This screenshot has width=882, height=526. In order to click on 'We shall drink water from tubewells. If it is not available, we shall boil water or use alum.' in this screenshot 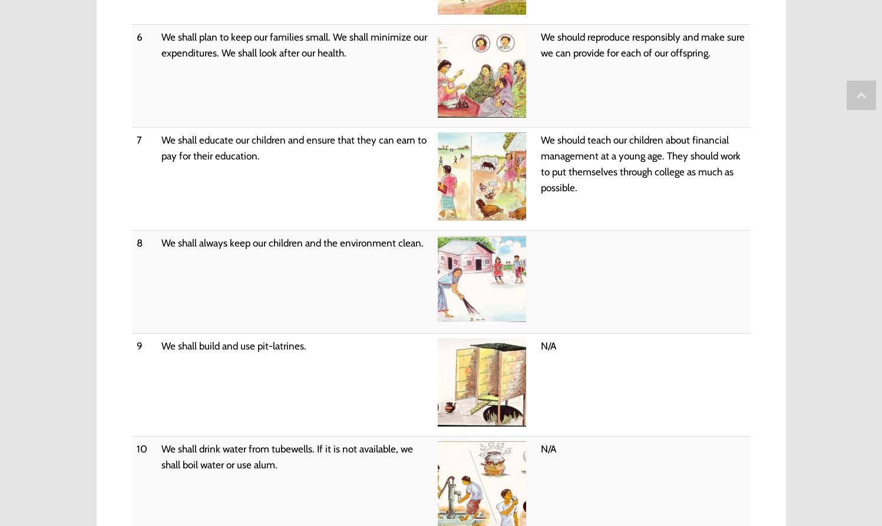, I will do `click(286, 455)`.